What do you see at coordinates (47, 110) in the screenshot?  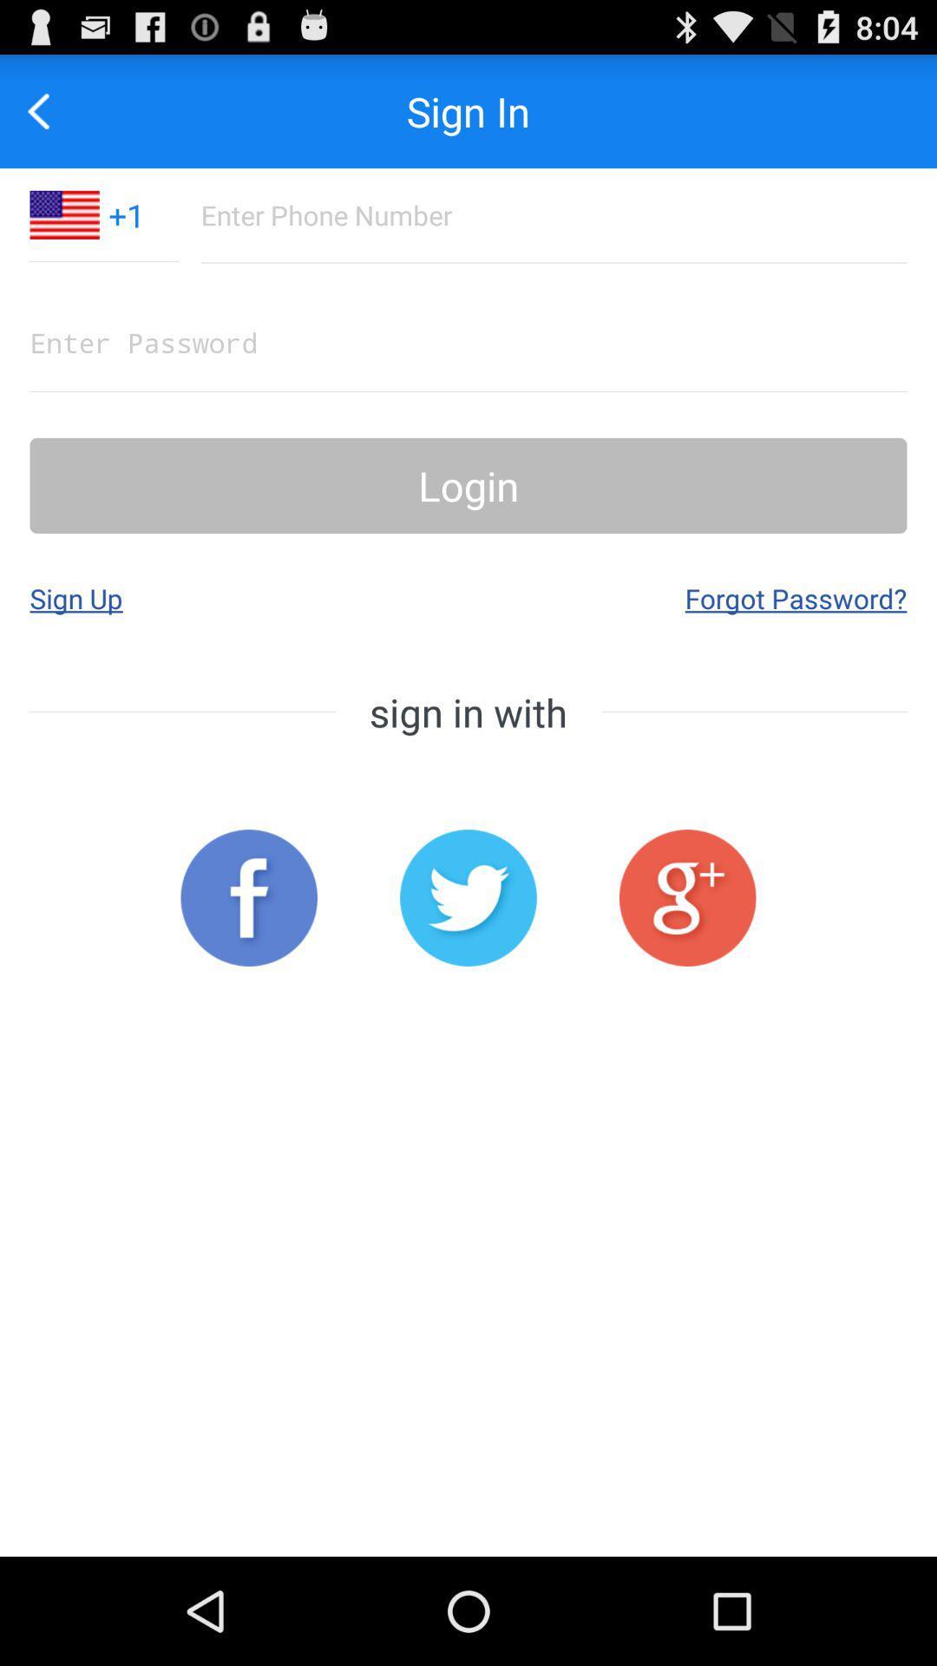 I see `the item next to +1 item` at bounding box center [47, 110].